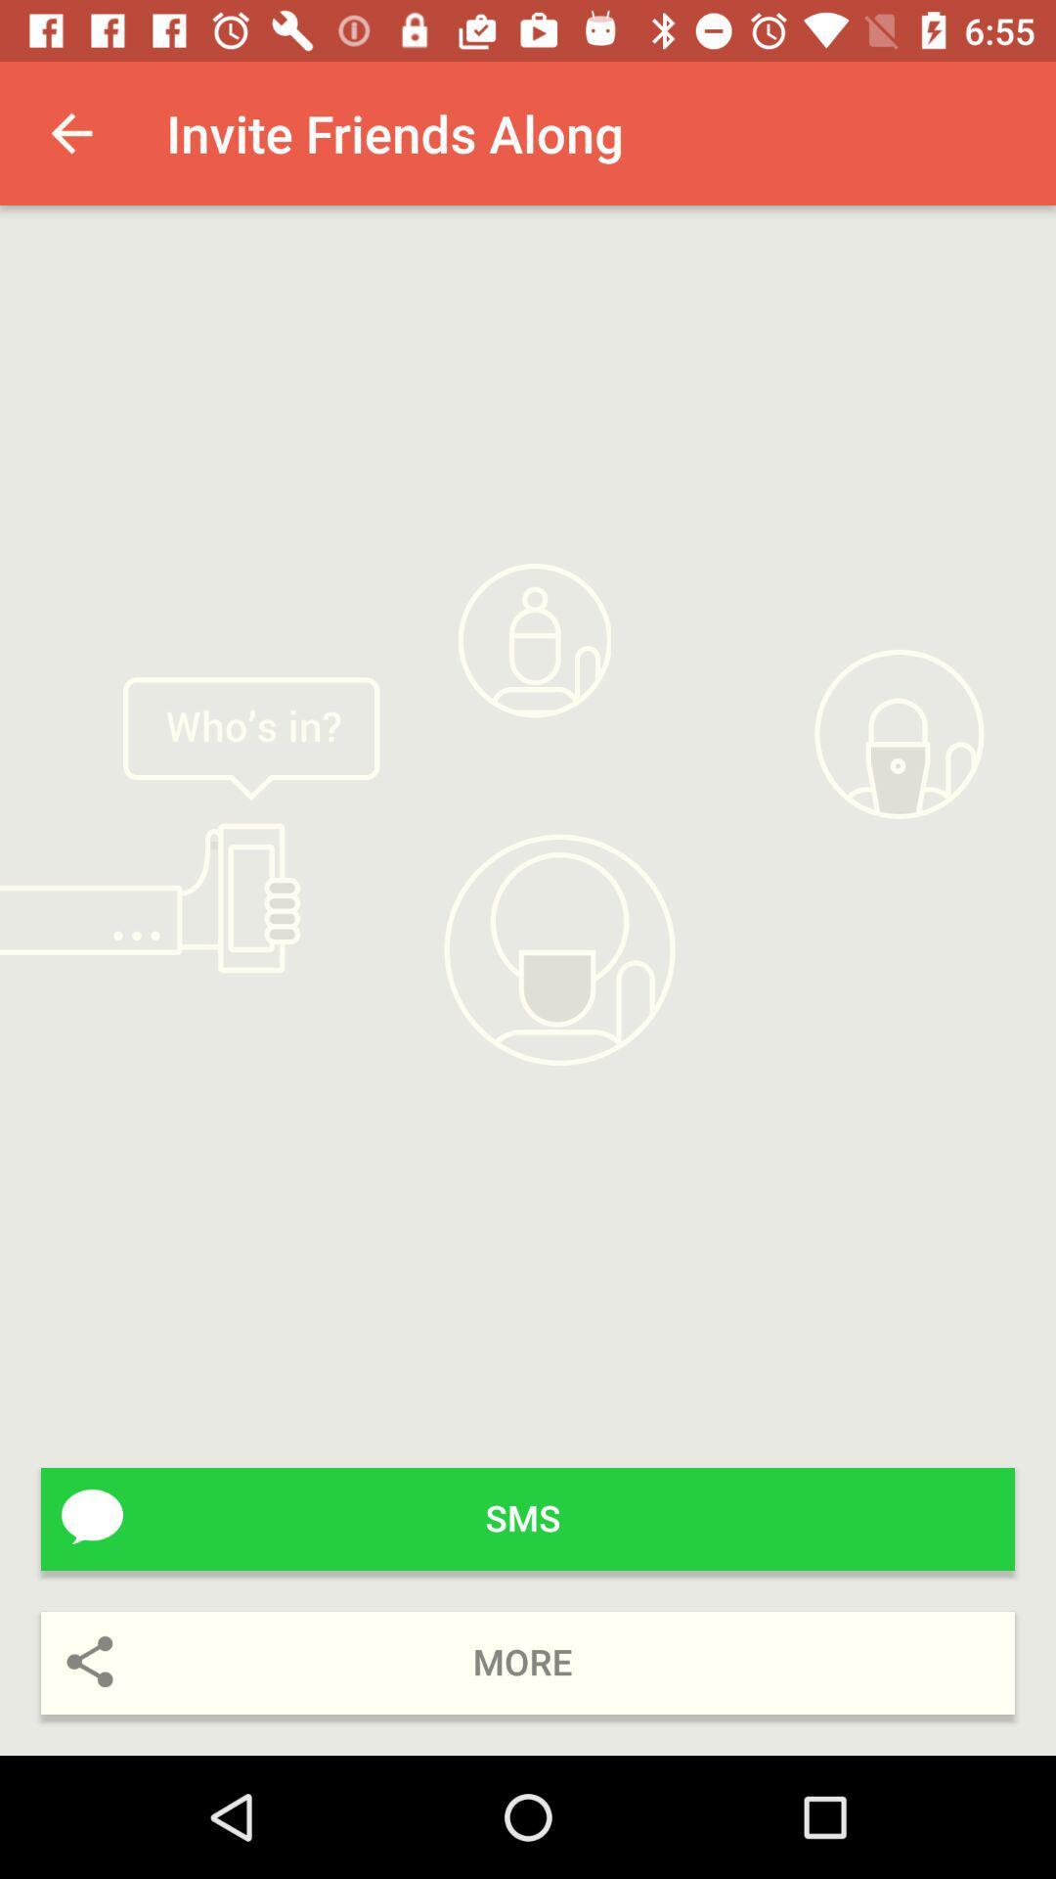 The height and width of the screenshot is (1879, 1056). I want to click on the app next to  invite friends along, so click(70, 132).